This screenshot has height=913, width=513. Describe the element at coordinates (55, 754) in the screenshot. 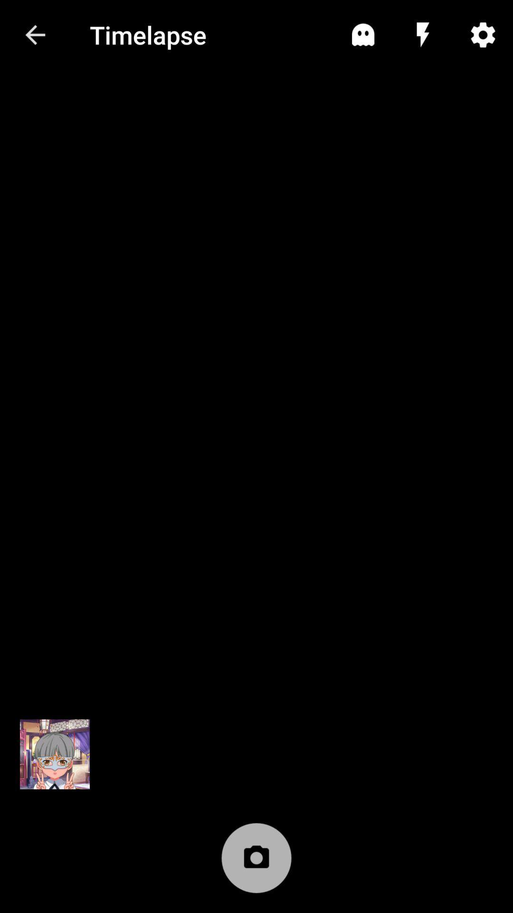

I see `icon at the bottom left corner` at that location.